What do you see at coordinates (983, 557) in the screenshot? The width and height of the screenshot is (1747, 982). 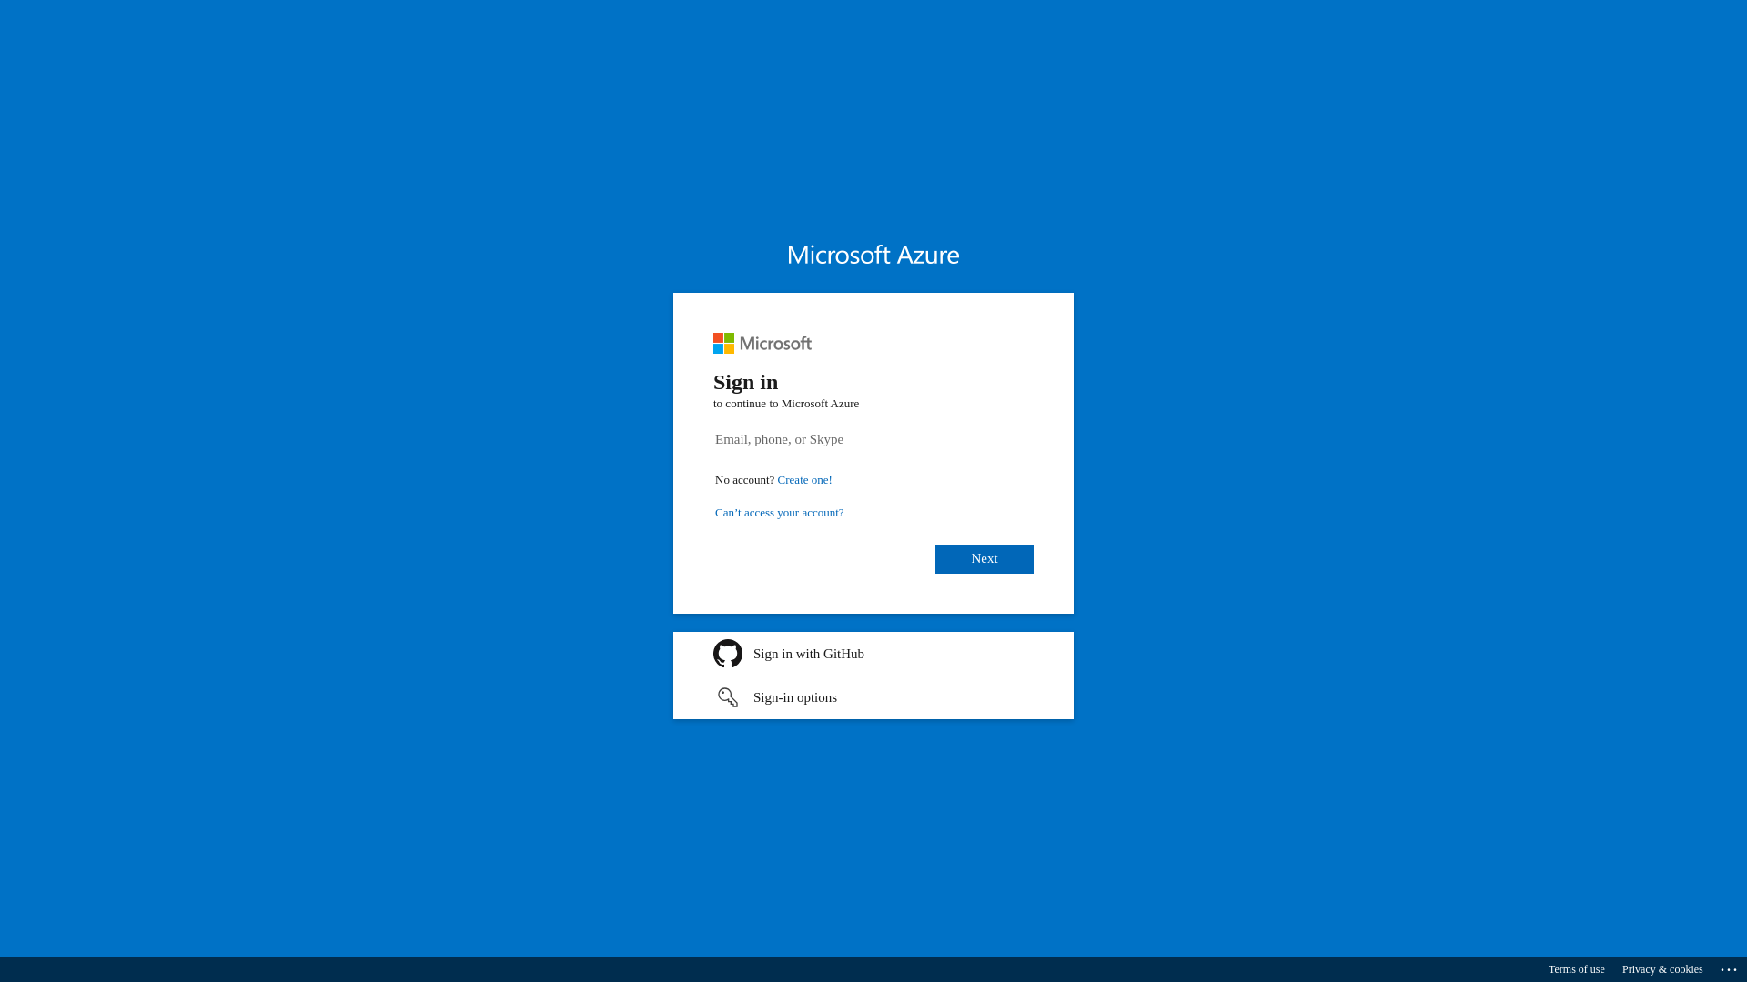 I see `'Next'` at bounding box center [983, 557].